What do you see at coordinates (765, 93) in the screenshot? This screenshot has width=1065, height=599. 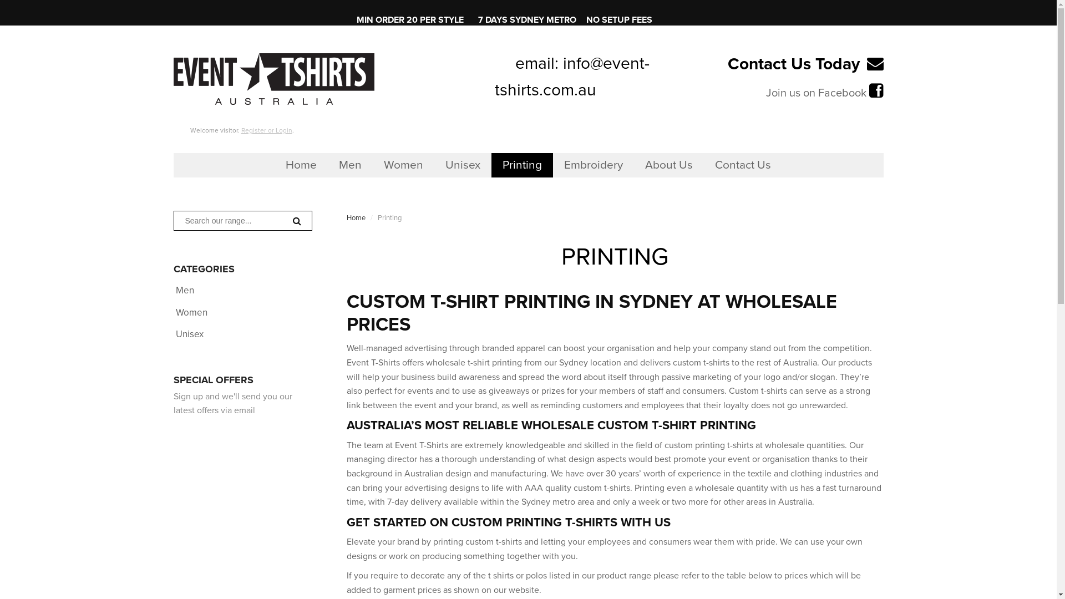 I see `'Join us on Facebook'` at bounding box center [765, 93].